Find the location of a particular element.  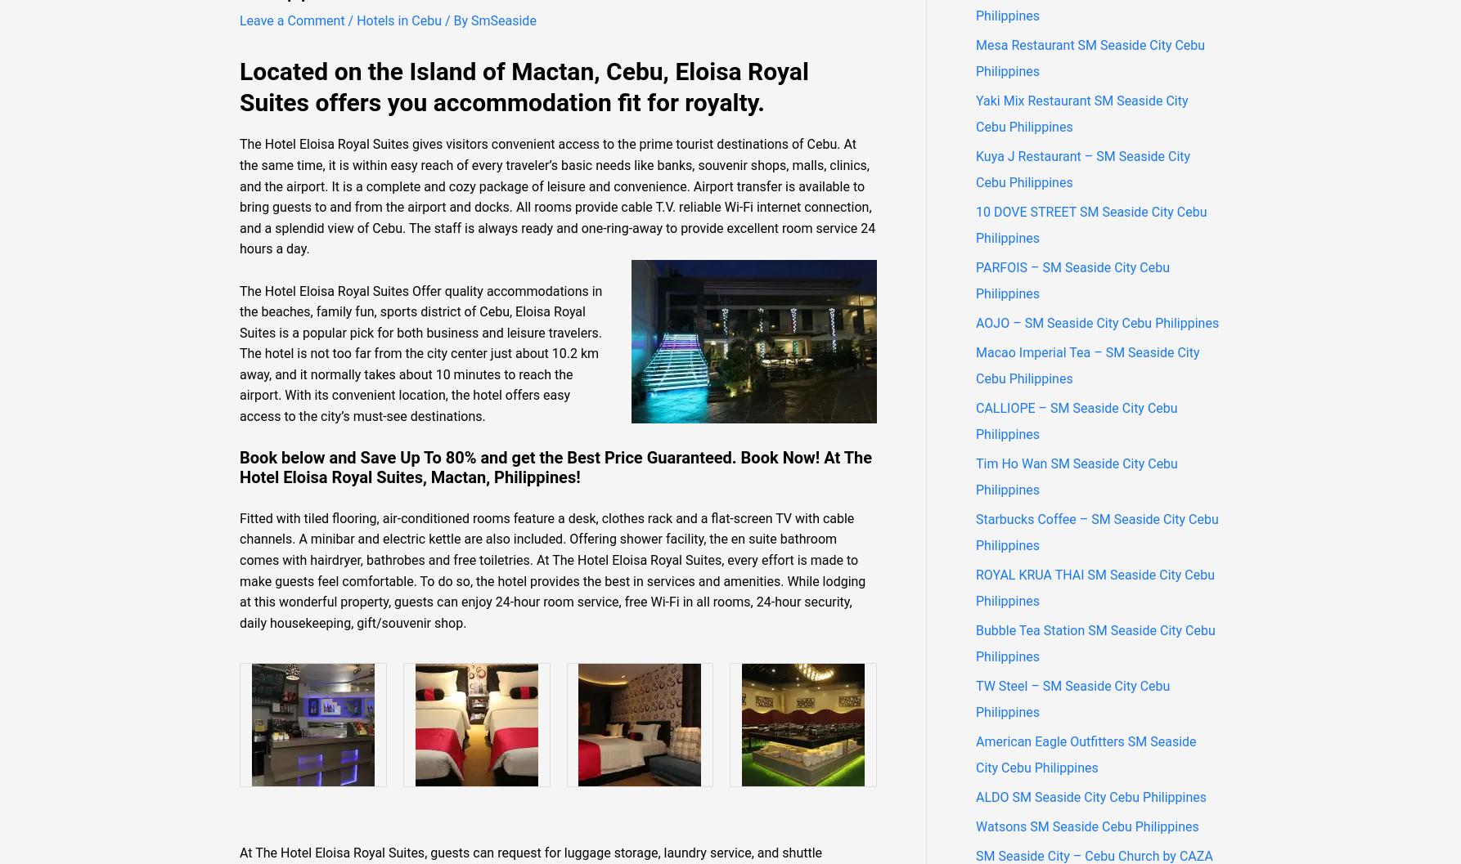

'Leave a Comment' is located at coordinates (239, 20).